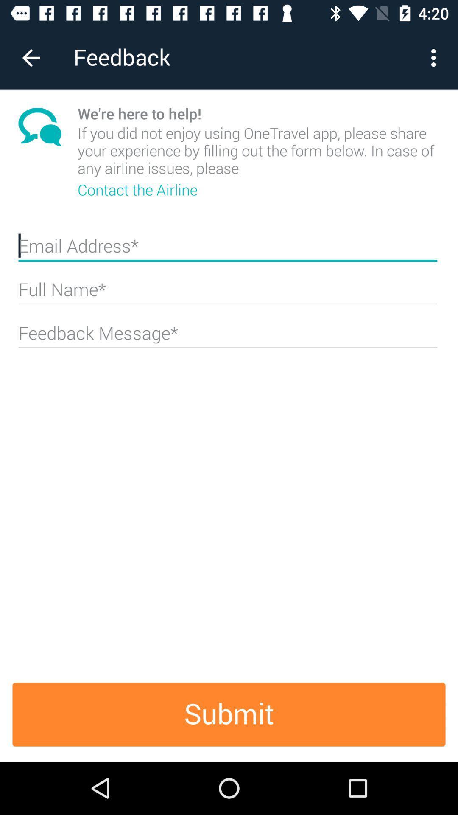  Describe the element at coordinates (48, 126) in the screenshot. I see `the blue colored icon below arrow mark at the top left corner of the page` at that location.